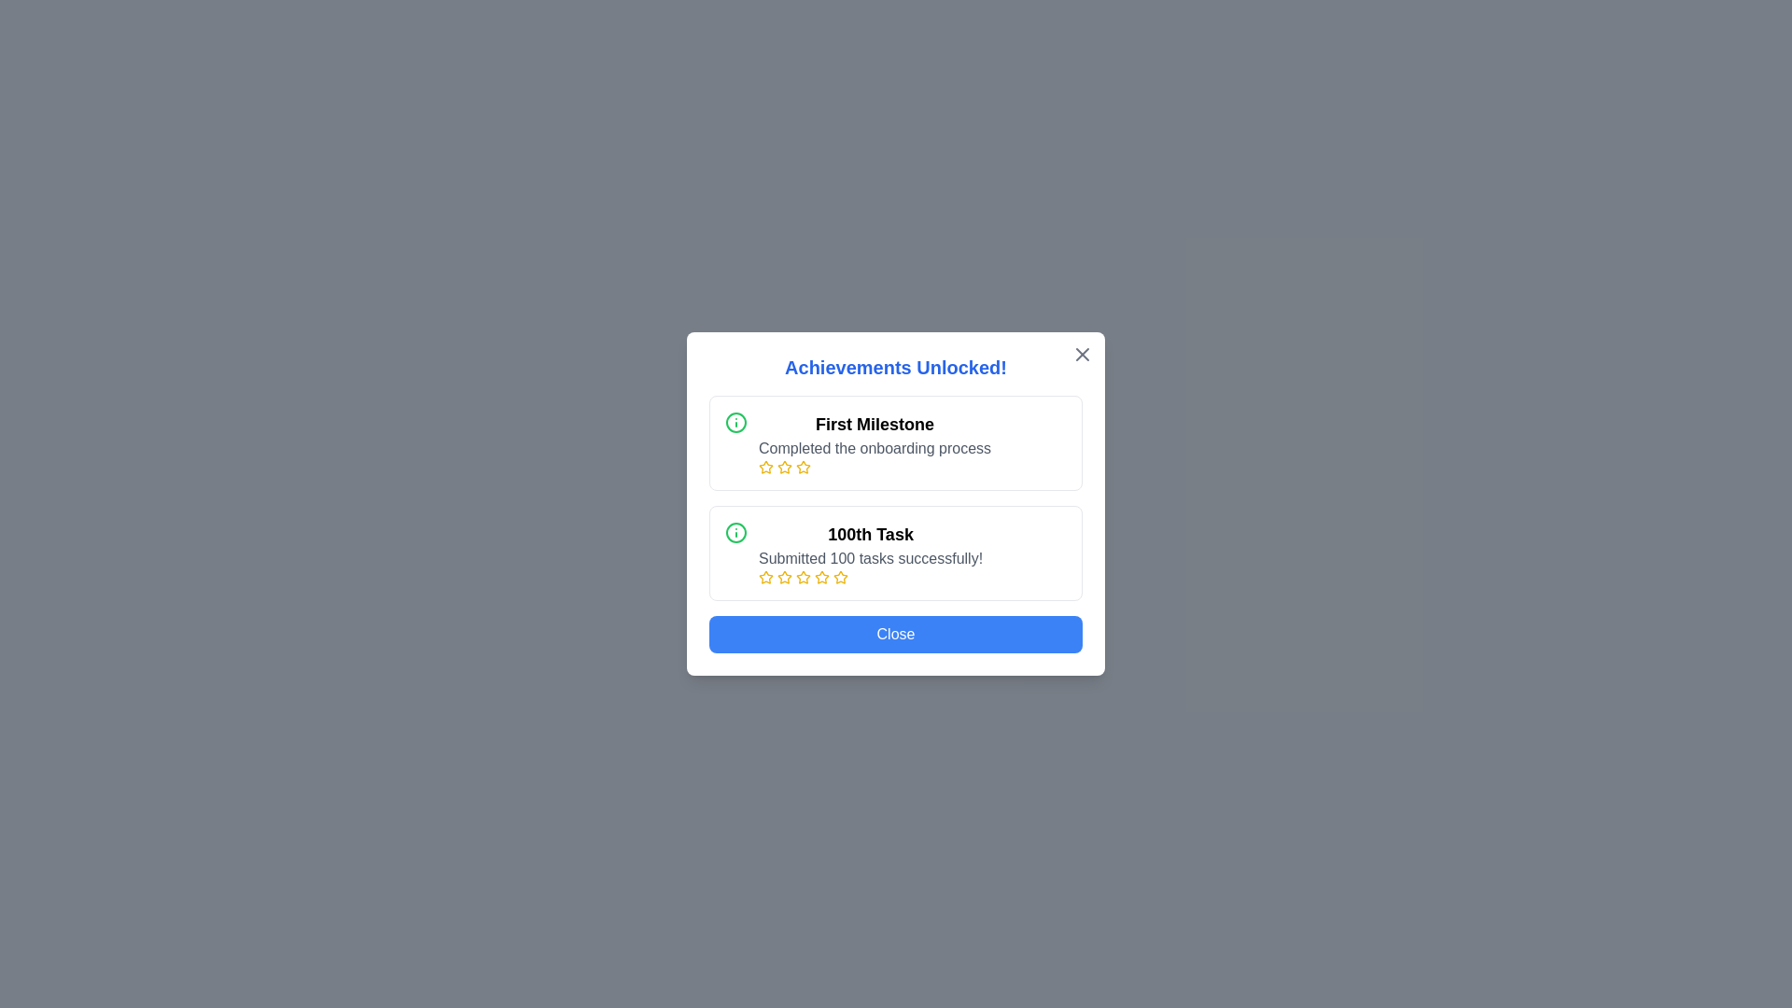 The image size is (1792, 1008). Describe the element at coordinates (870, 557) in the screenshot. I see `the static text label that informs the user about successfully completing 100 tasks, located beneath the '100th Task' heading in the achievements modal` at that location.